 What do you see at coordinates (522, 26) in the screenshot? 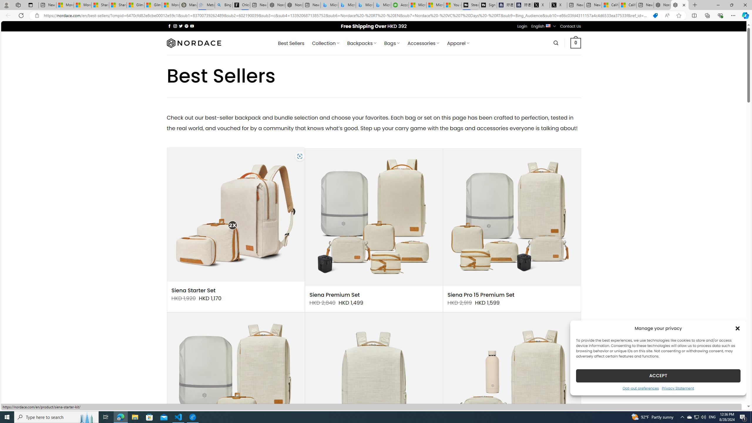
I see `'Login'` at bounding box center [522, 26].